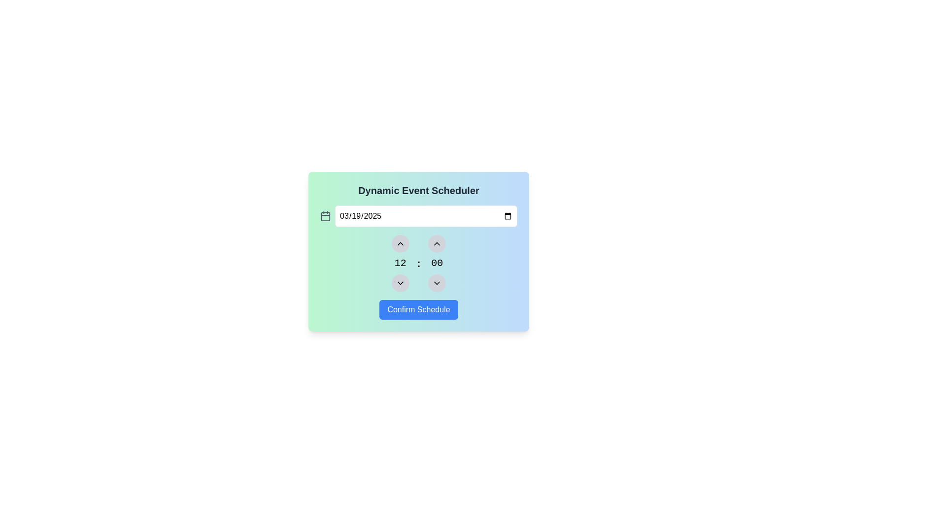 The width and height of the screenshot is (946, 532). Describe the element at coordinates (437, 283) in the screenshot. I see `the downward-pointing chevron icon` at that location.